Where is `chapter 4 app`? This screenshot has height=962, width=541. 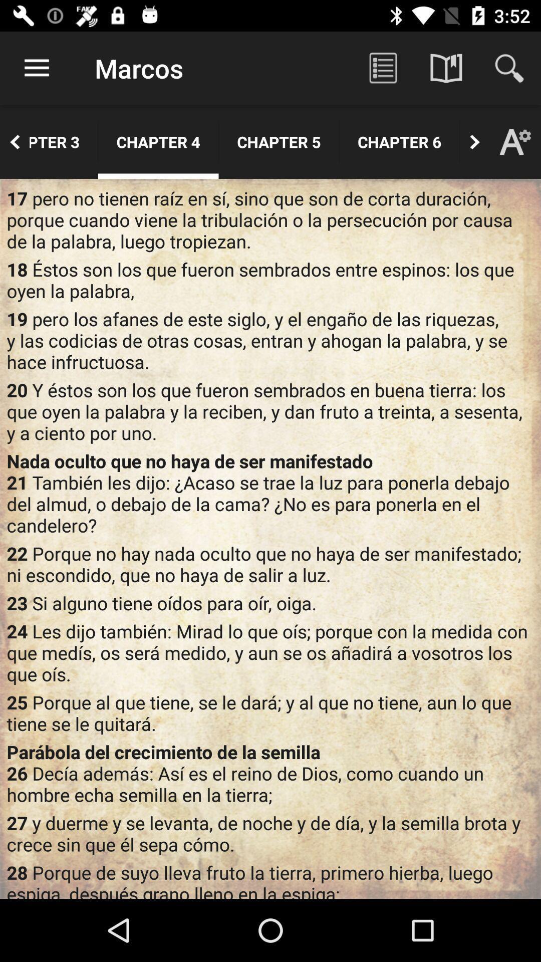
chapter 4 app is located at coordinates (158, 141).